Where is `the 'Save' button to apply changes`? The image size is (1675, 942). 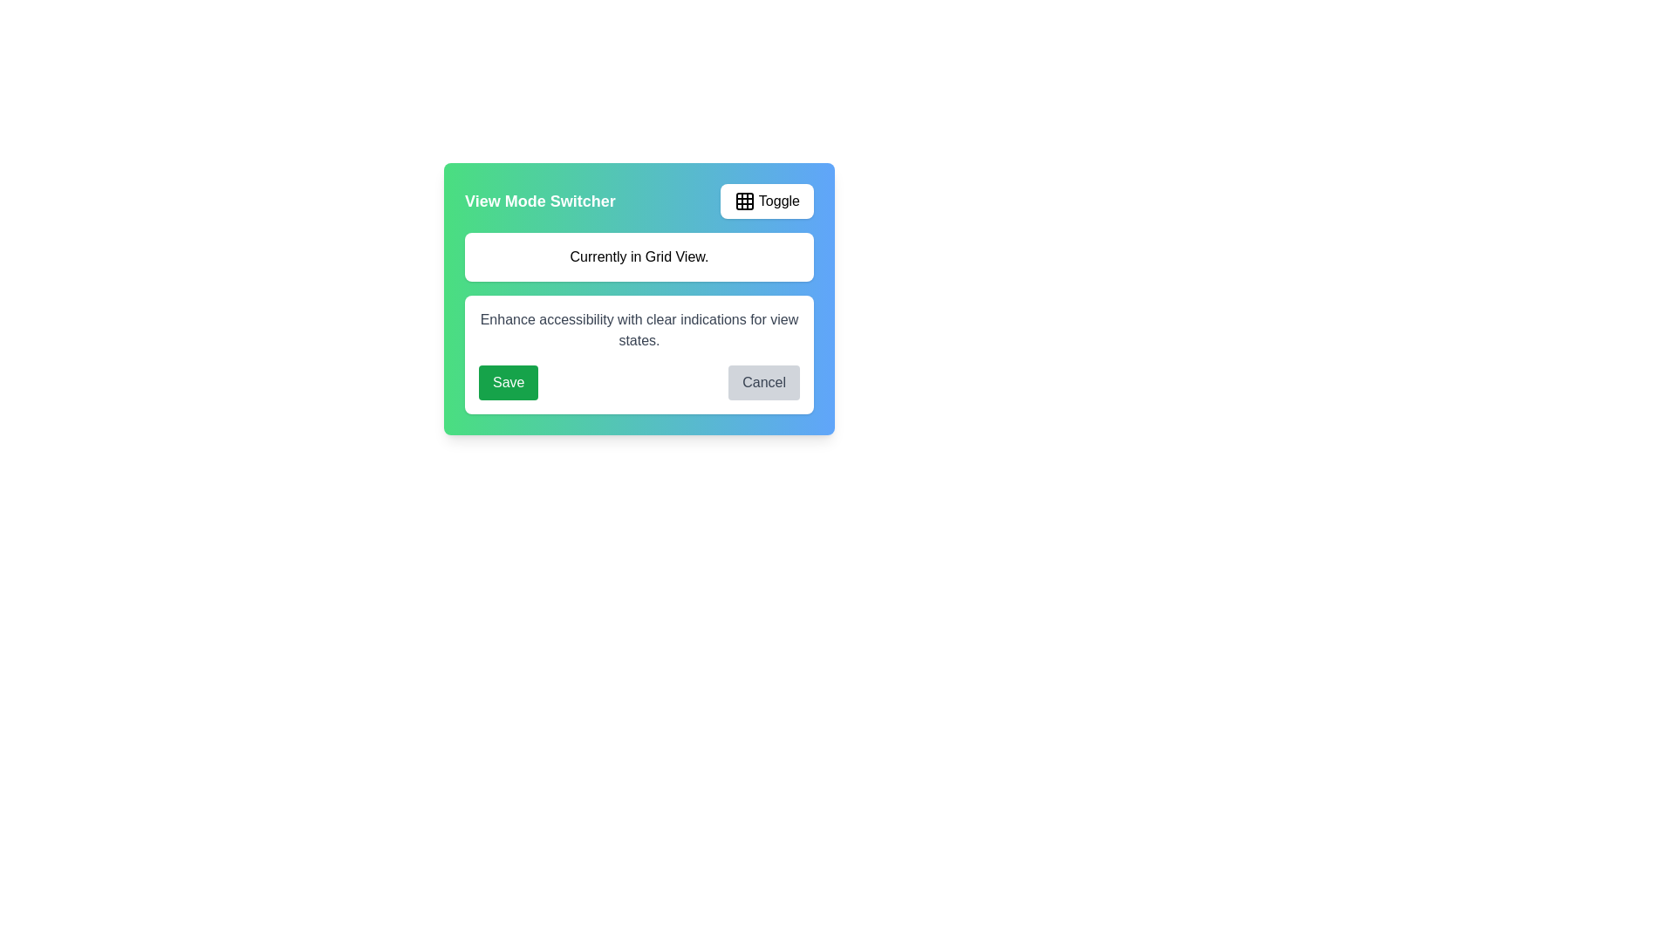
the 'Save' button to apply changes is located at coordinates (507, 382).